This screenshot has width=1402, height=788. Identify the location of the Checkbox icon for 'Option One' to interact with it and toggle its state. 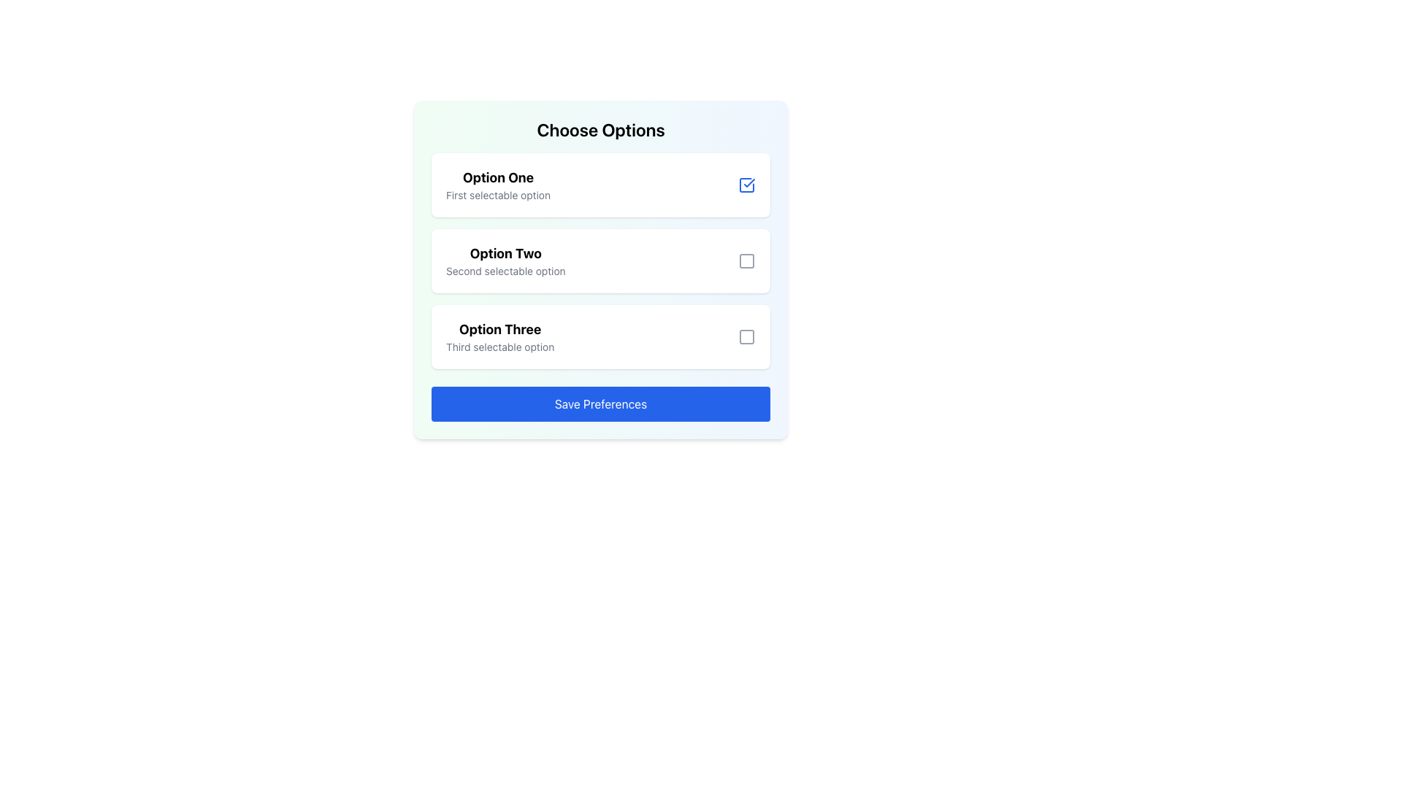
(746, 185).